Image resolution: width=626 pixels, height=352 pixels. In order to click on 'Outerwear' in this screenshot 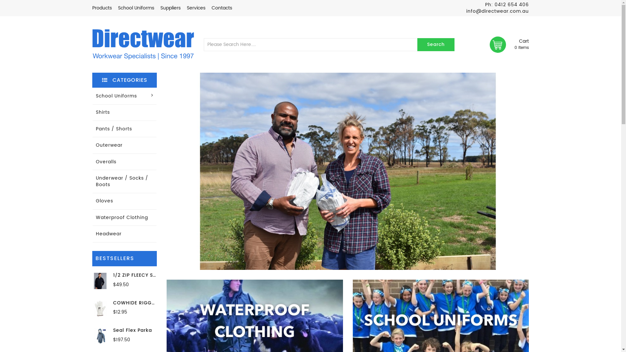, I will do `click(92, 145)`.